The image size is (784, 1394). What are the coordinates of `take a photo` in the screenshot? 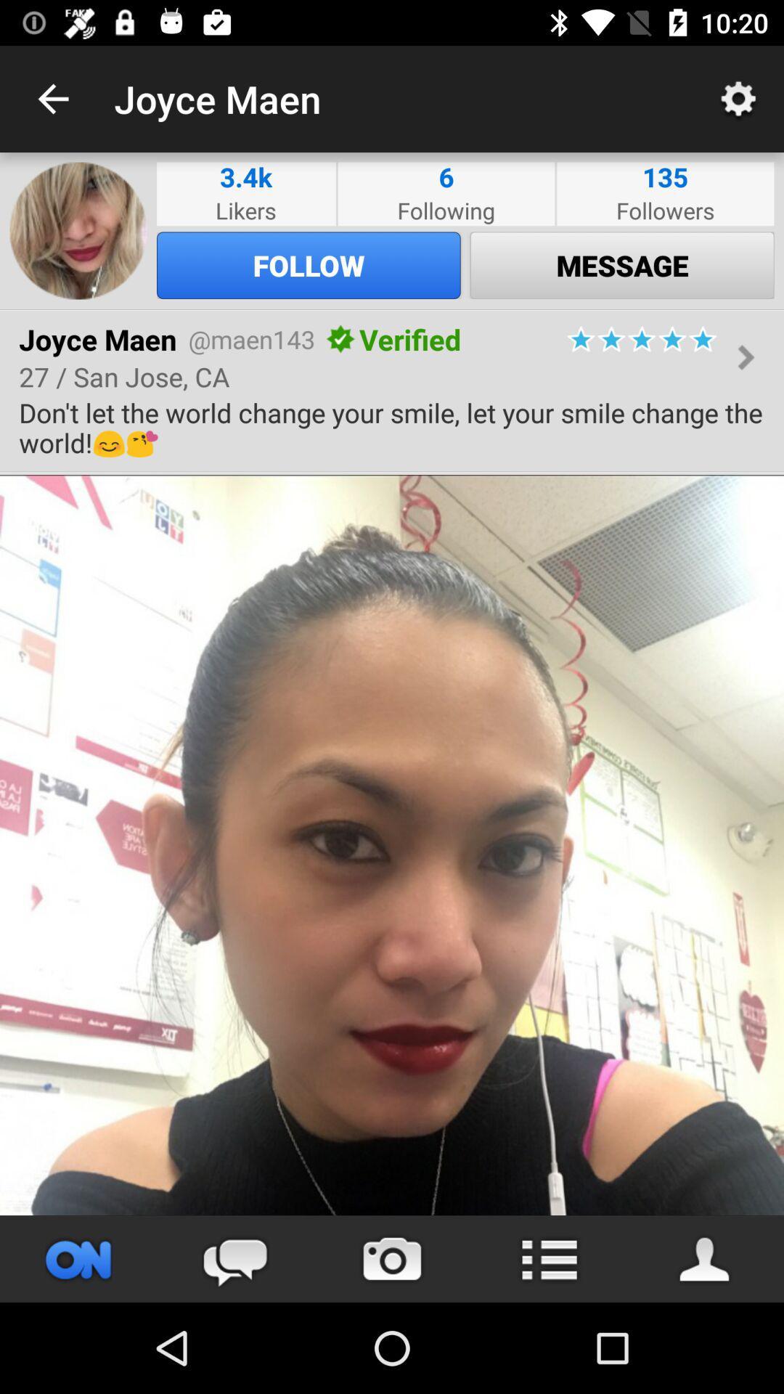 It's located at (392, 1258).